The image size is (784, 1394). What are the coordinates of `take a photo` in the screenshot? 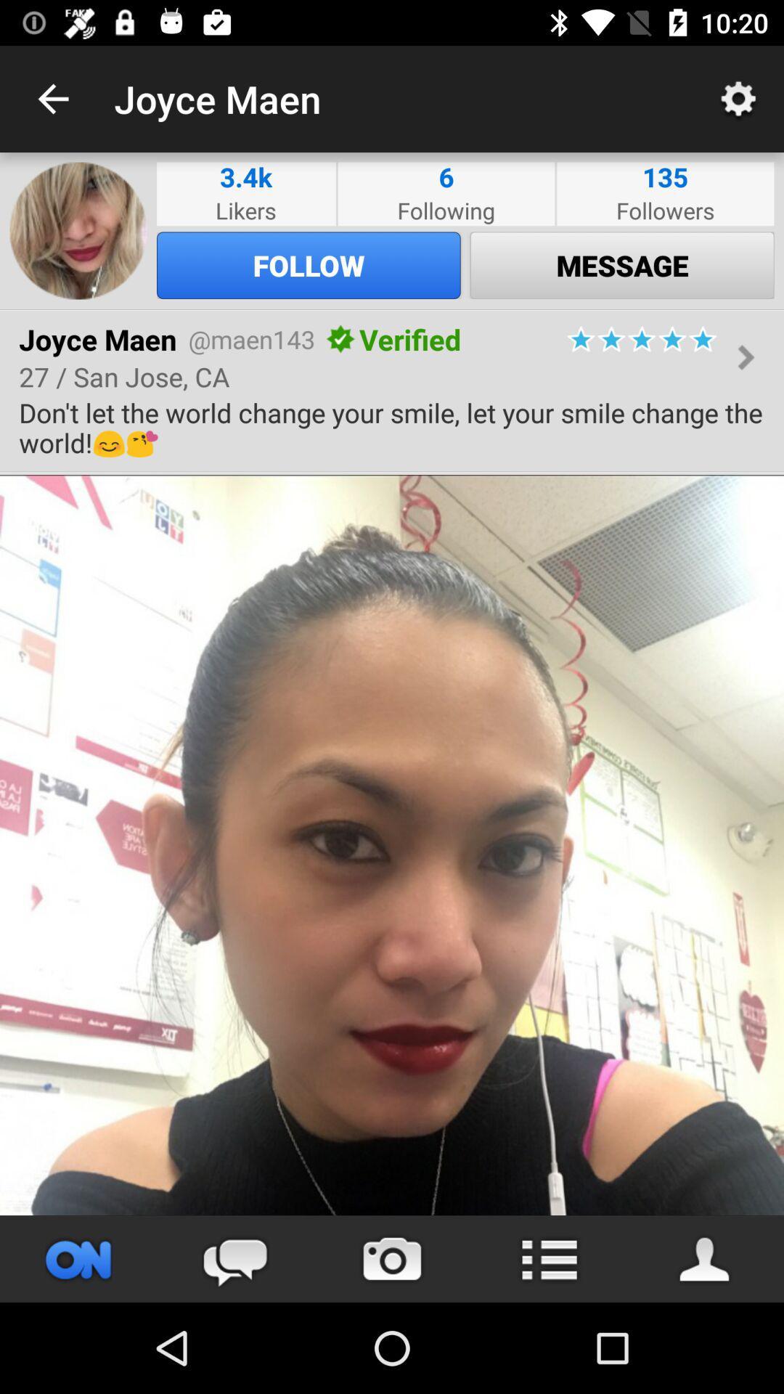 It's located at (392, 1258).